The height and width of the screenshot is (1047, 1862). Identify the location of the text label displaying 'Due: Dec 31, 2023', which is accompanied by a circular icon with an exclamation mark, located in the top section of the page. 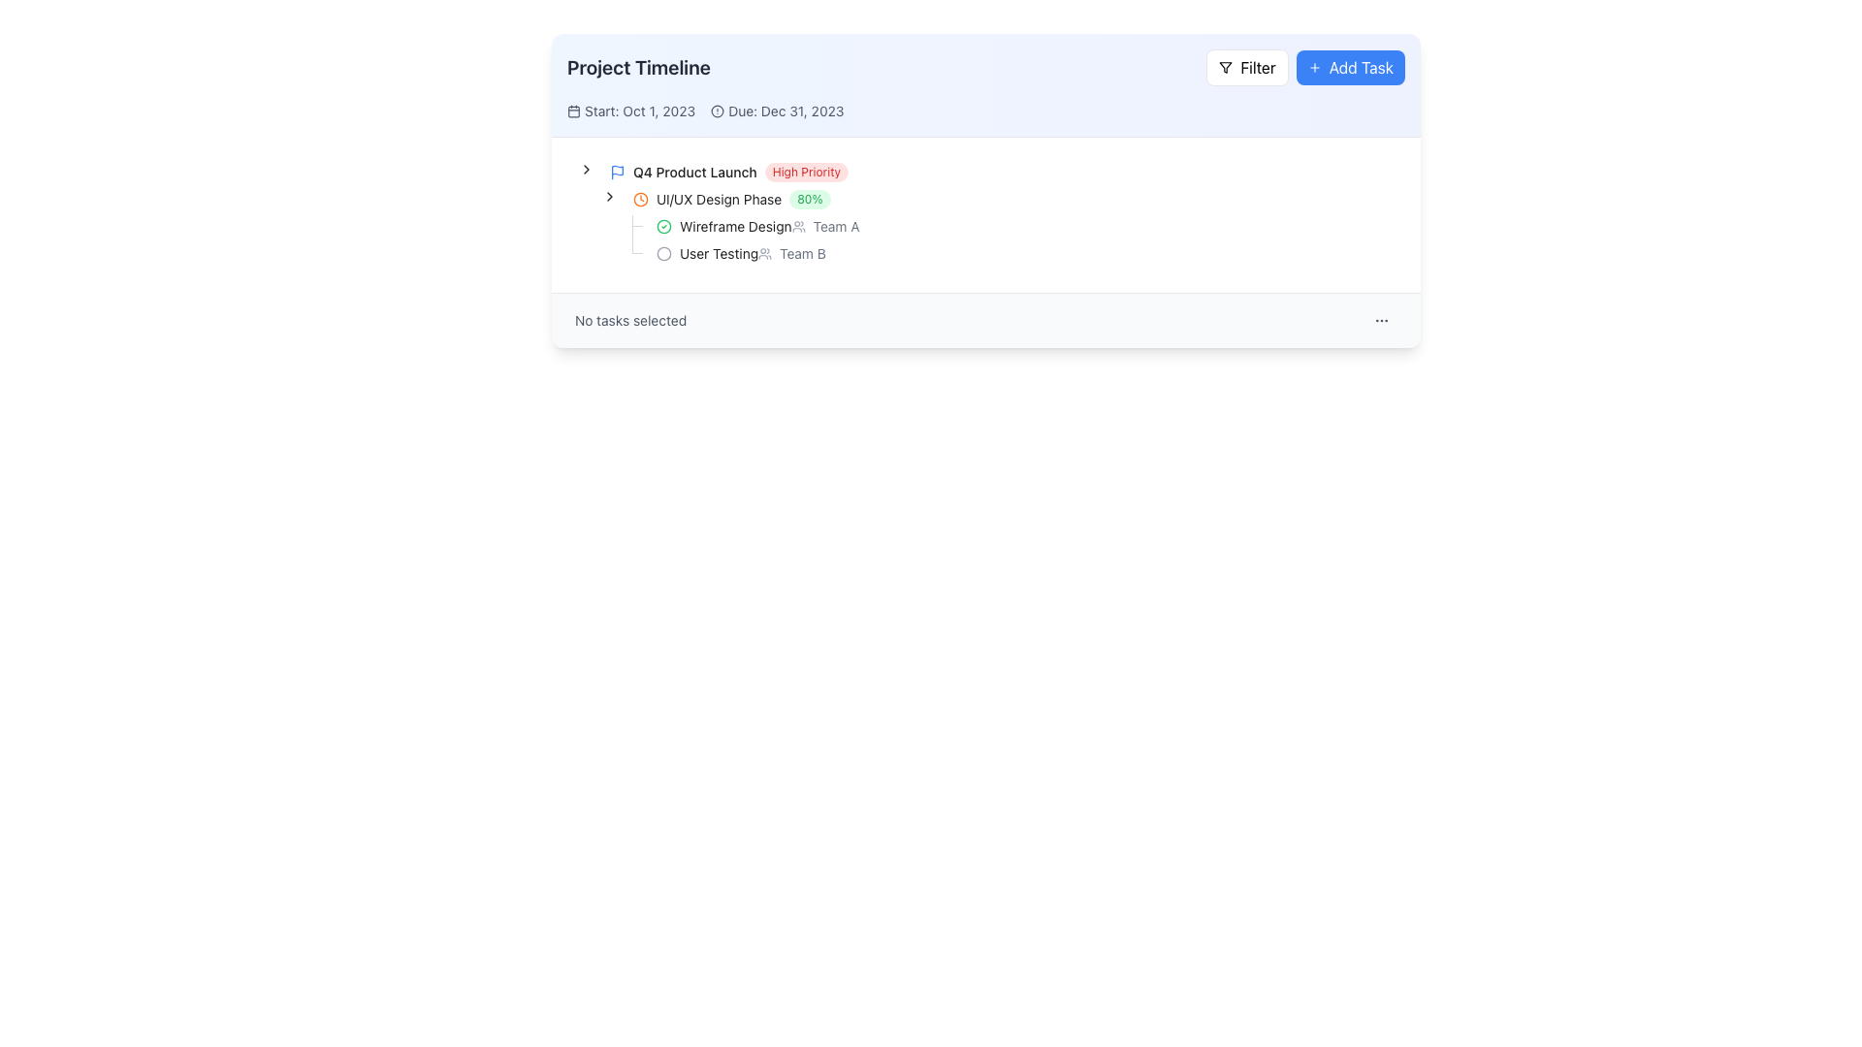
(777, 111).